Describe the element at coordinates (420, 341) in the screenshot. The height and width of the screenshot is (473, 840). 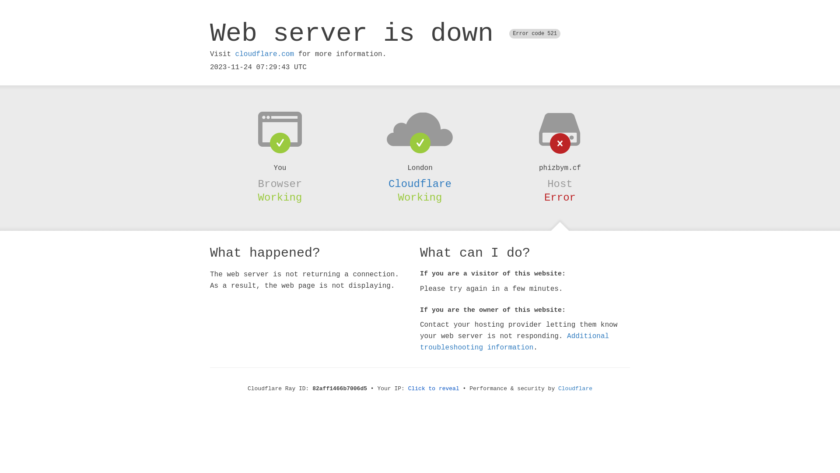
I see `'Additional troubleshooting information'` at that location.